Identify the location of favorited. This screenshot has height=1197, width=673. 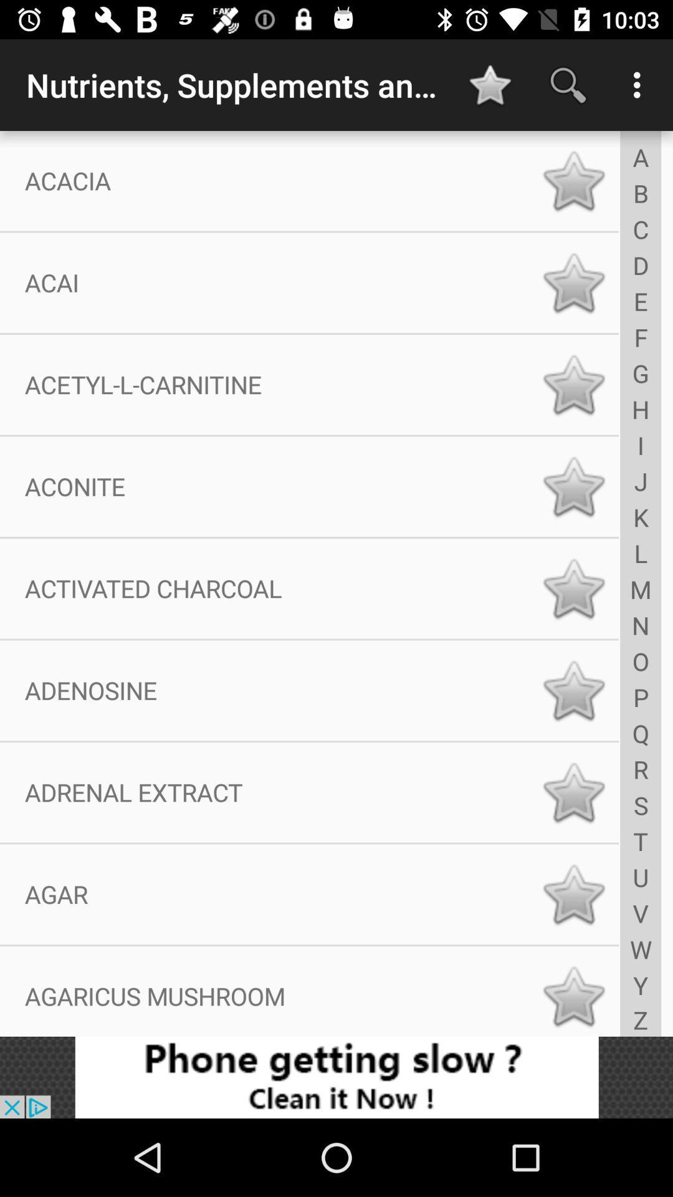
(573, 792).